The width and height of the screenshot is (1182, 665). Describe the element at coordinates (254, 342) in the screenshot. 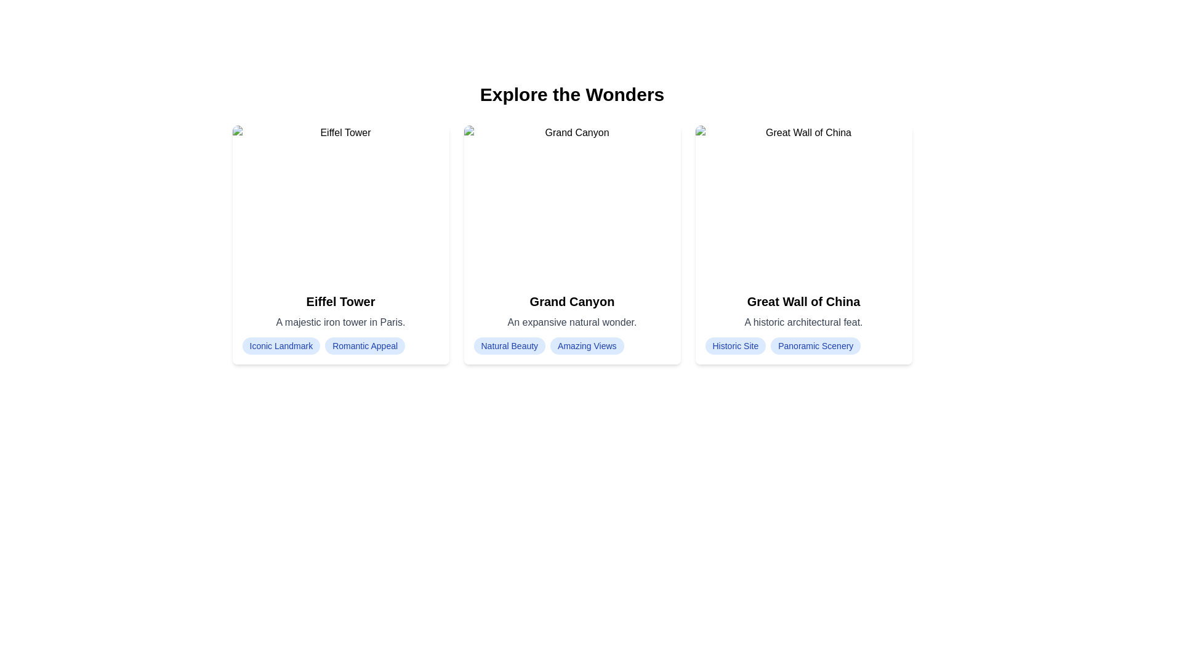

I see `the small red heart icon located in the lower-left corner of the first content card under the 'Explore the Wonders' section` at that location.